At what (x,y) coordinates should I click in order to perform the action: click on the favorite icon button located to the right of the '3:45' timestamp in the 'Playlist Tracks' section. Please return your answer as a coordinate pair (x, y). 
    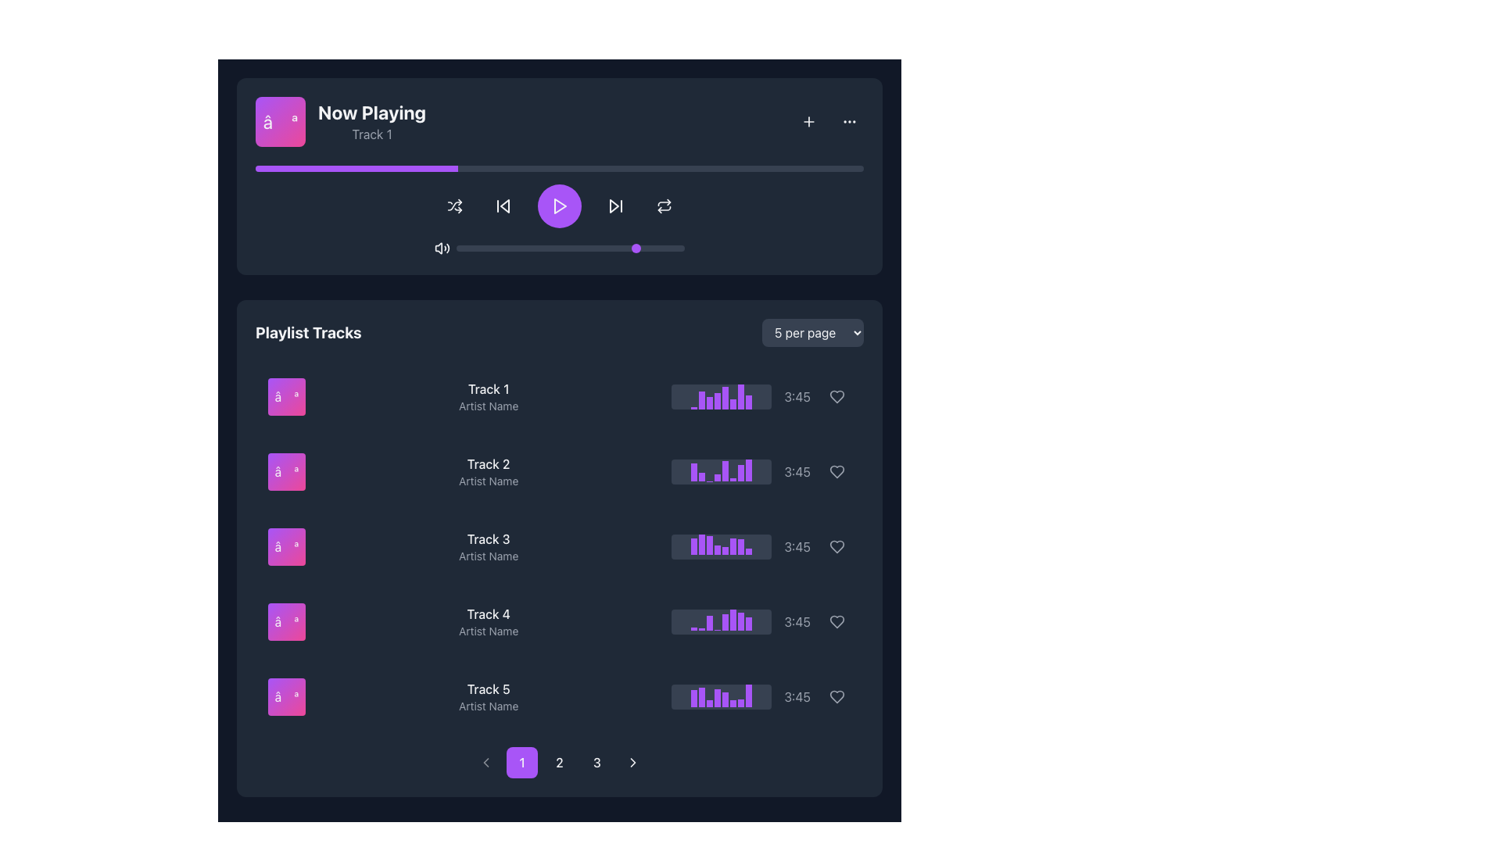
    Looking at the image, I should click on (836, 471).